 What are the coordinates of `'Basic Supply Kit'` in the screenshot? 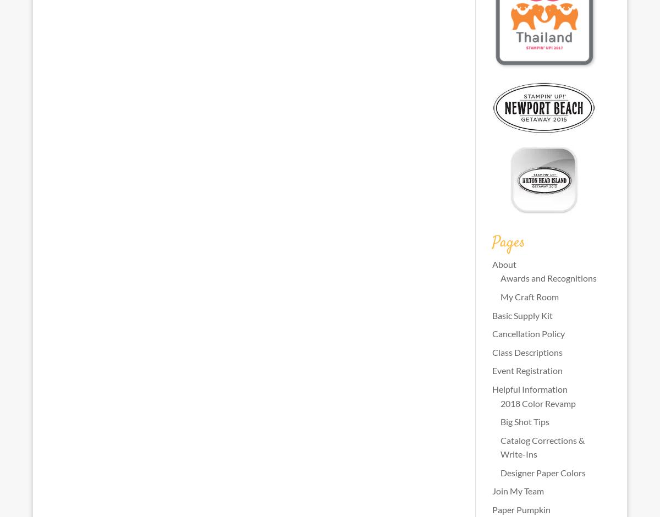 It's located at (521, 315).